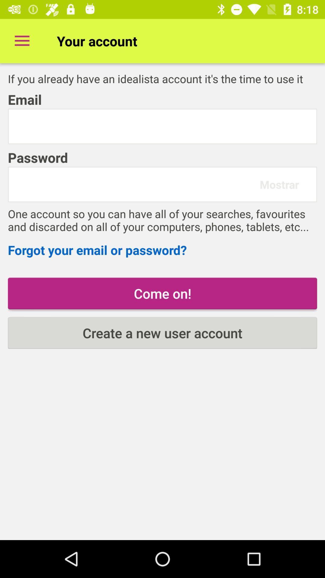 The width and height of the screenshot is (325, 578). I want to click on email id here, so click(162, 126).